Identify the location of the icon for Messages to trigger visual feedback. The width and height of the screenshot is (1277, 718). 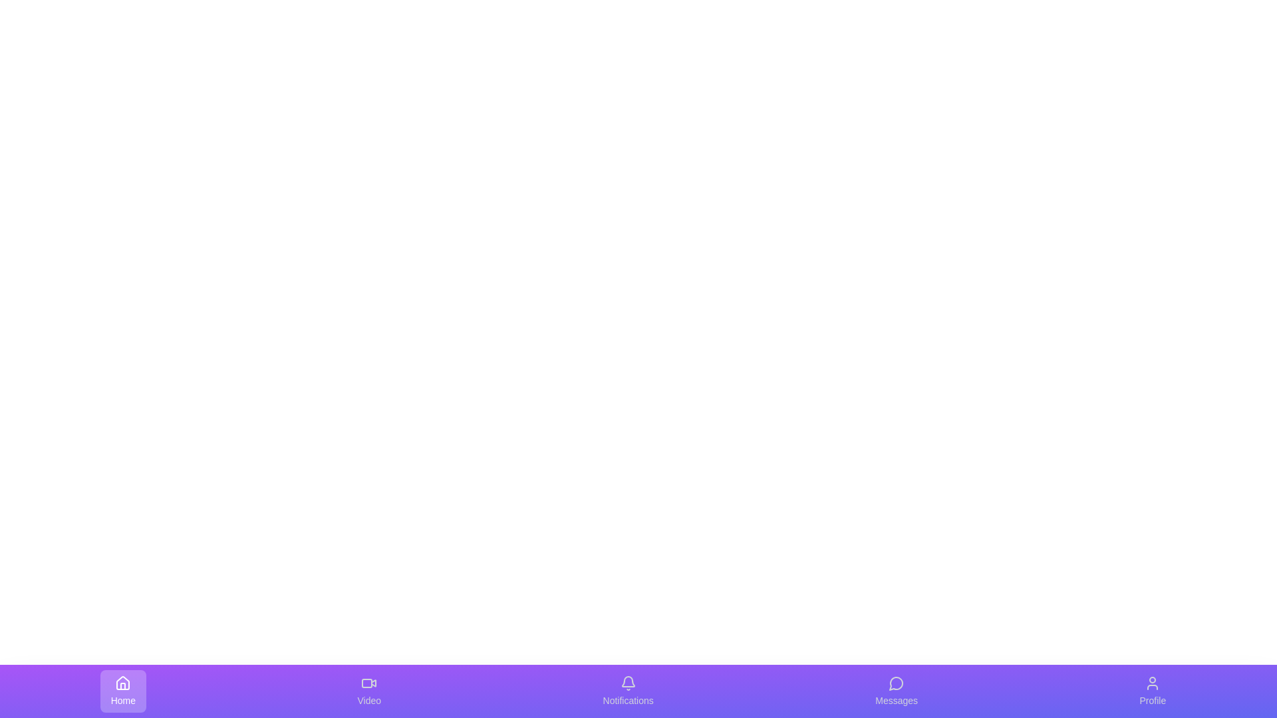
(897, 691).